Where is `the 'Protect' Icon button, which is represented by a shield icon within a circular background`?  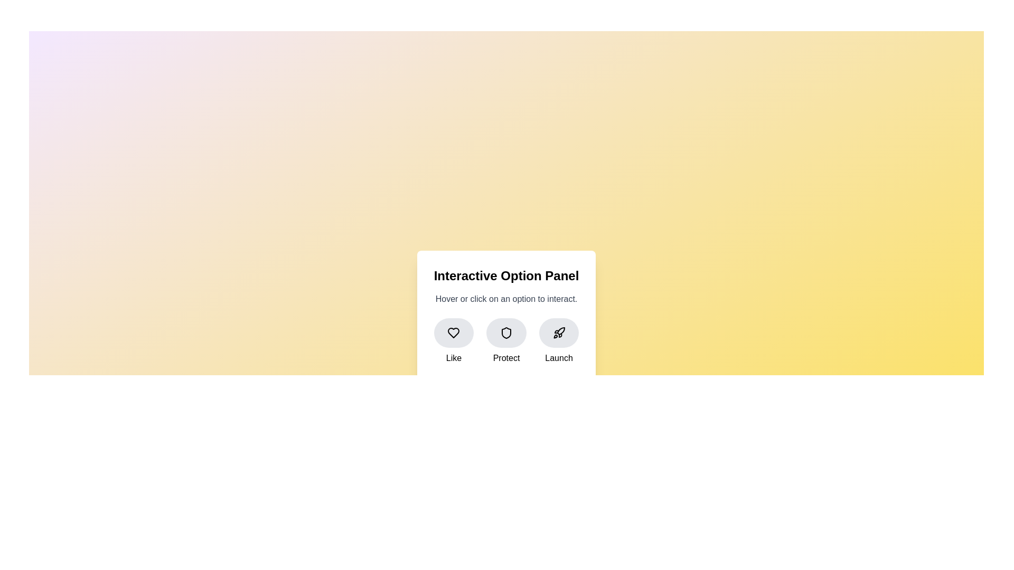
the 'Protect' Icon button, which is represented by a shield icon within a circular background is located at coordinates (506, 341).